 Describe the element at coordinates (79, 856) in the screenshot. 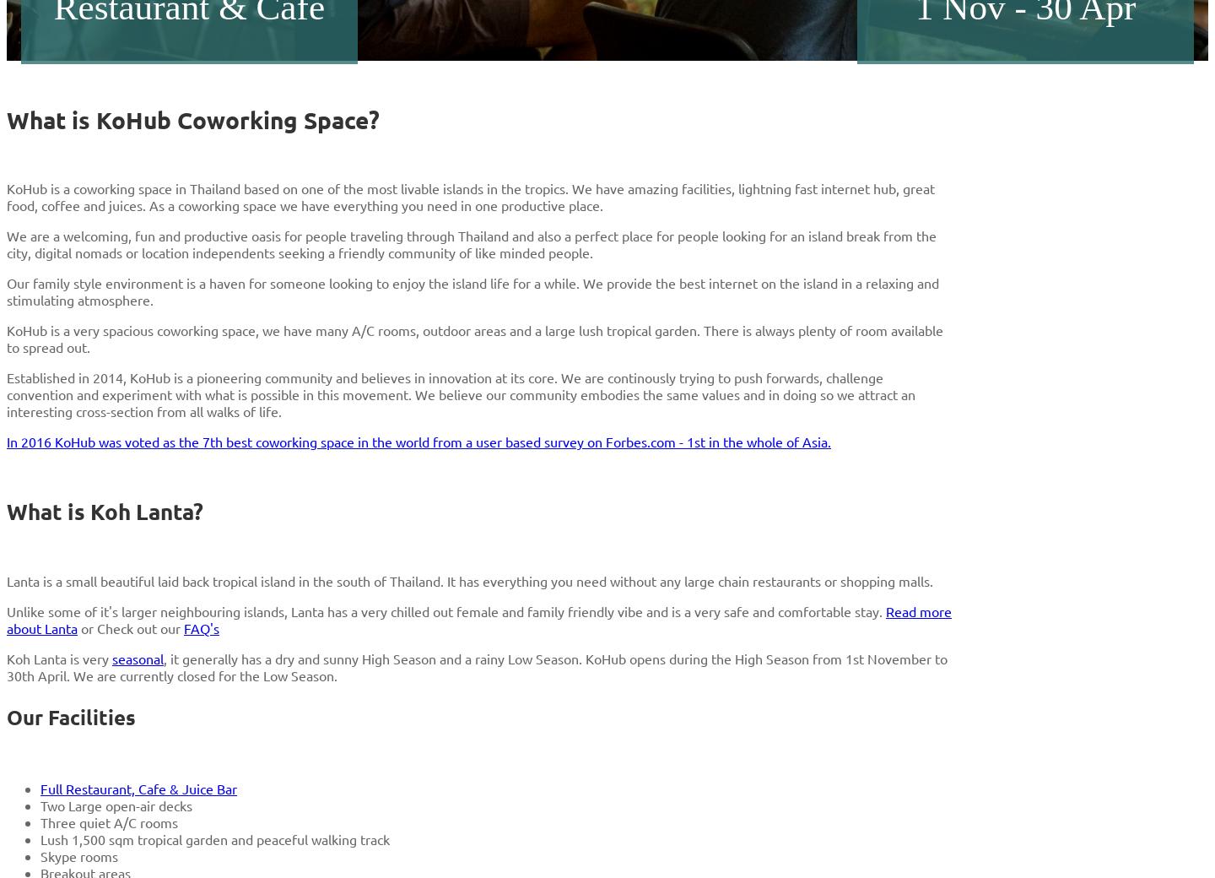

I see `'Skype rooms'` at that location.